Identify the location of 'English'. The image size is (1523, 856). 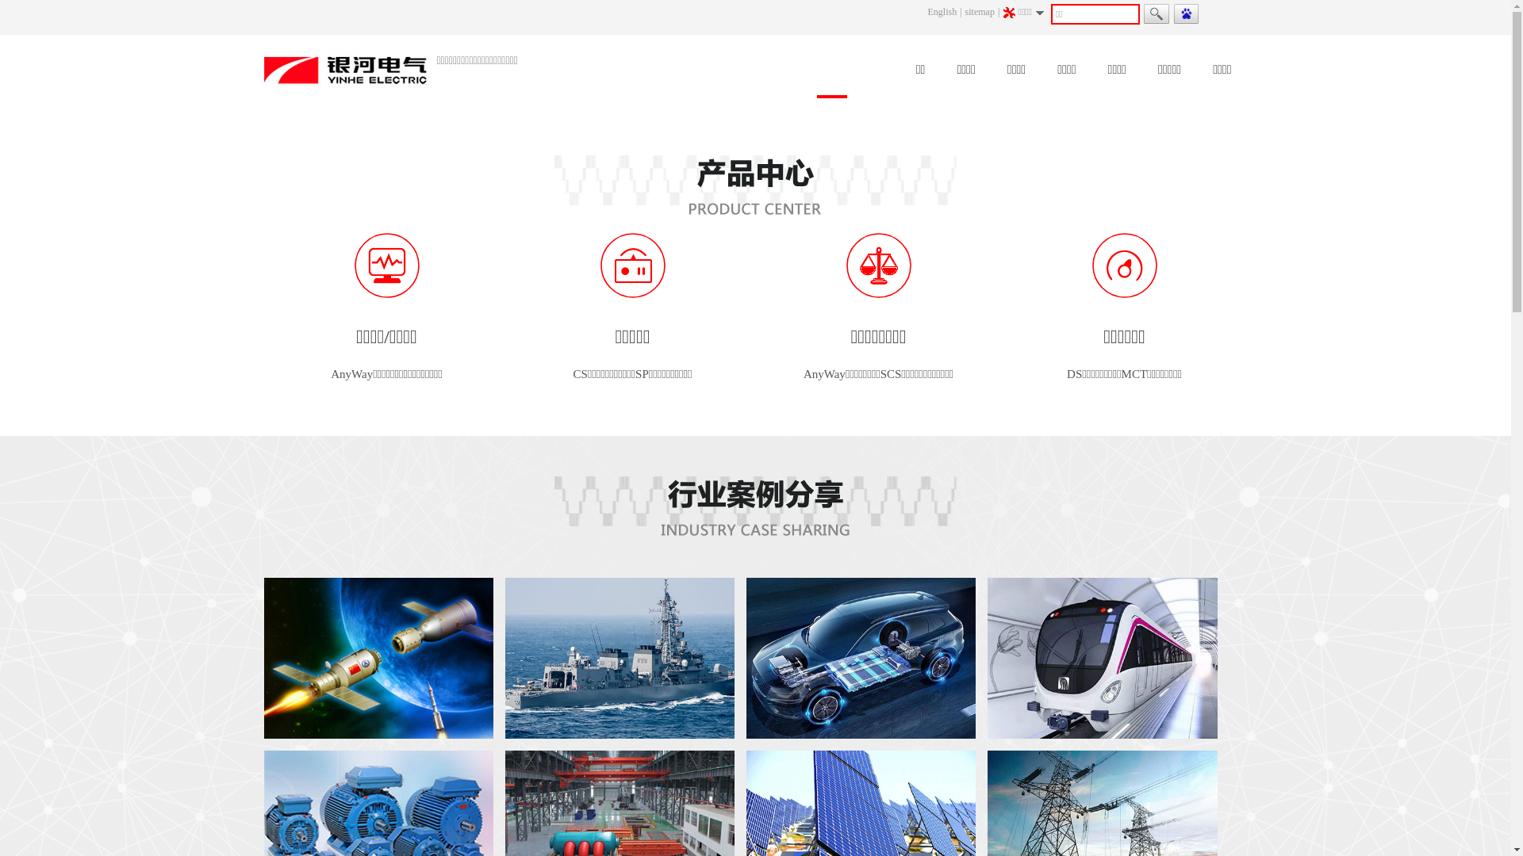
(942, 12).